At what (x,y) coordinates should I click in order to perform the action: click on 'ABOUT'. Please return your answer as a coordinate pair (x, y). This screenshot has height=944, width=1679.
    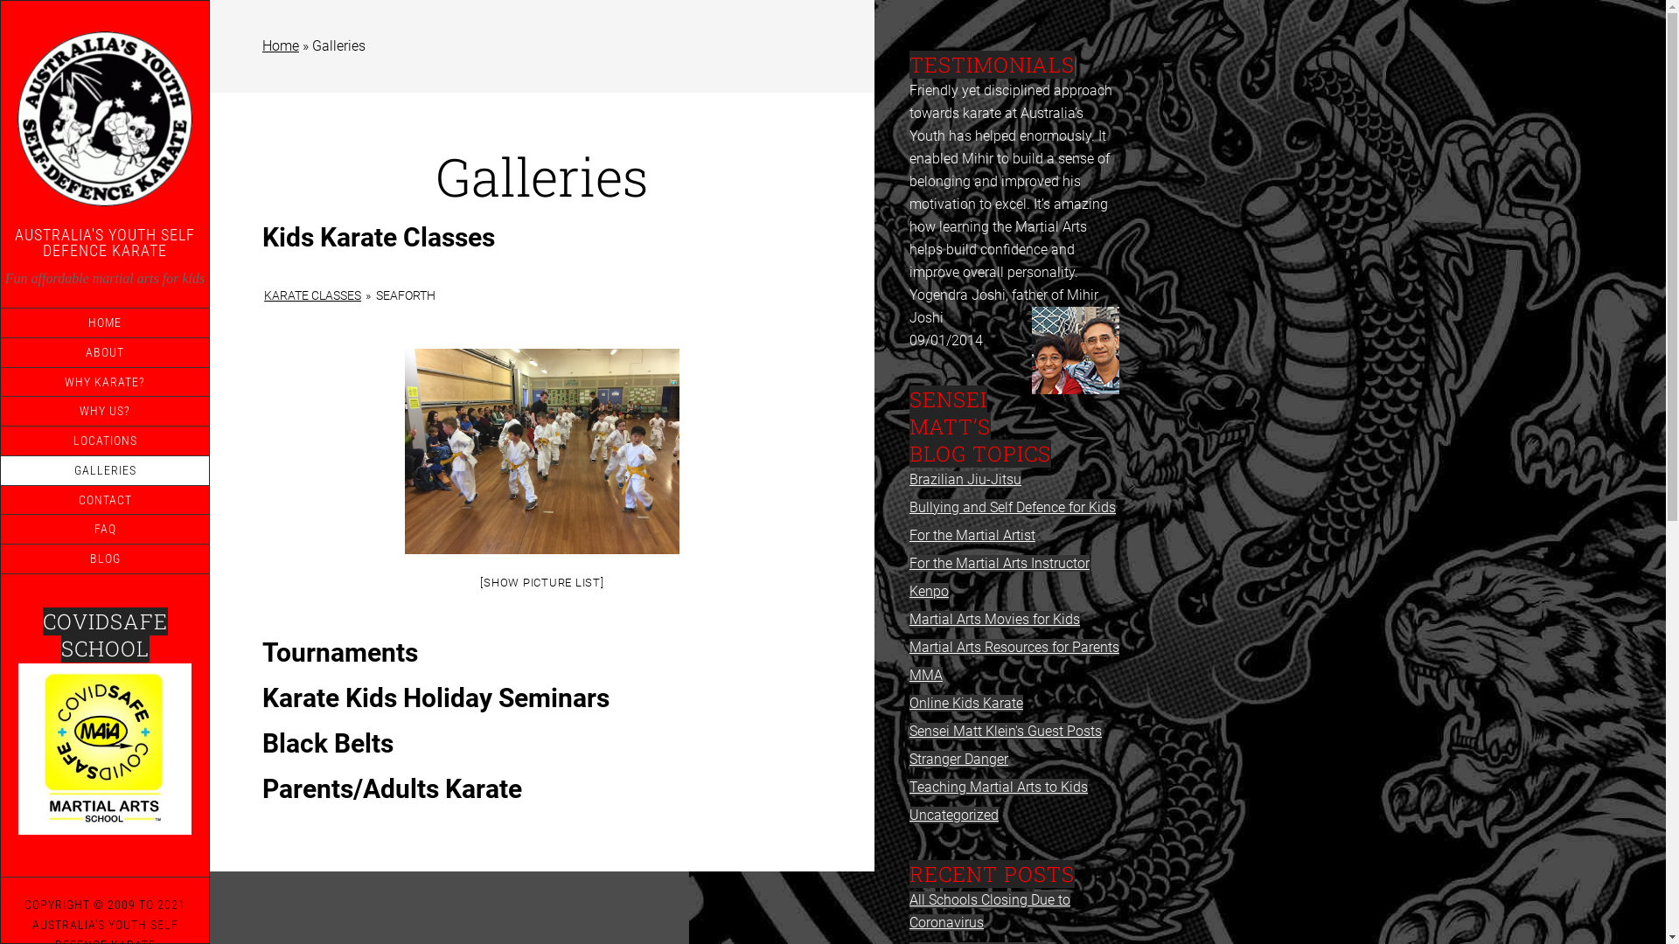
    Looking at the image, I should click on (104, 352).